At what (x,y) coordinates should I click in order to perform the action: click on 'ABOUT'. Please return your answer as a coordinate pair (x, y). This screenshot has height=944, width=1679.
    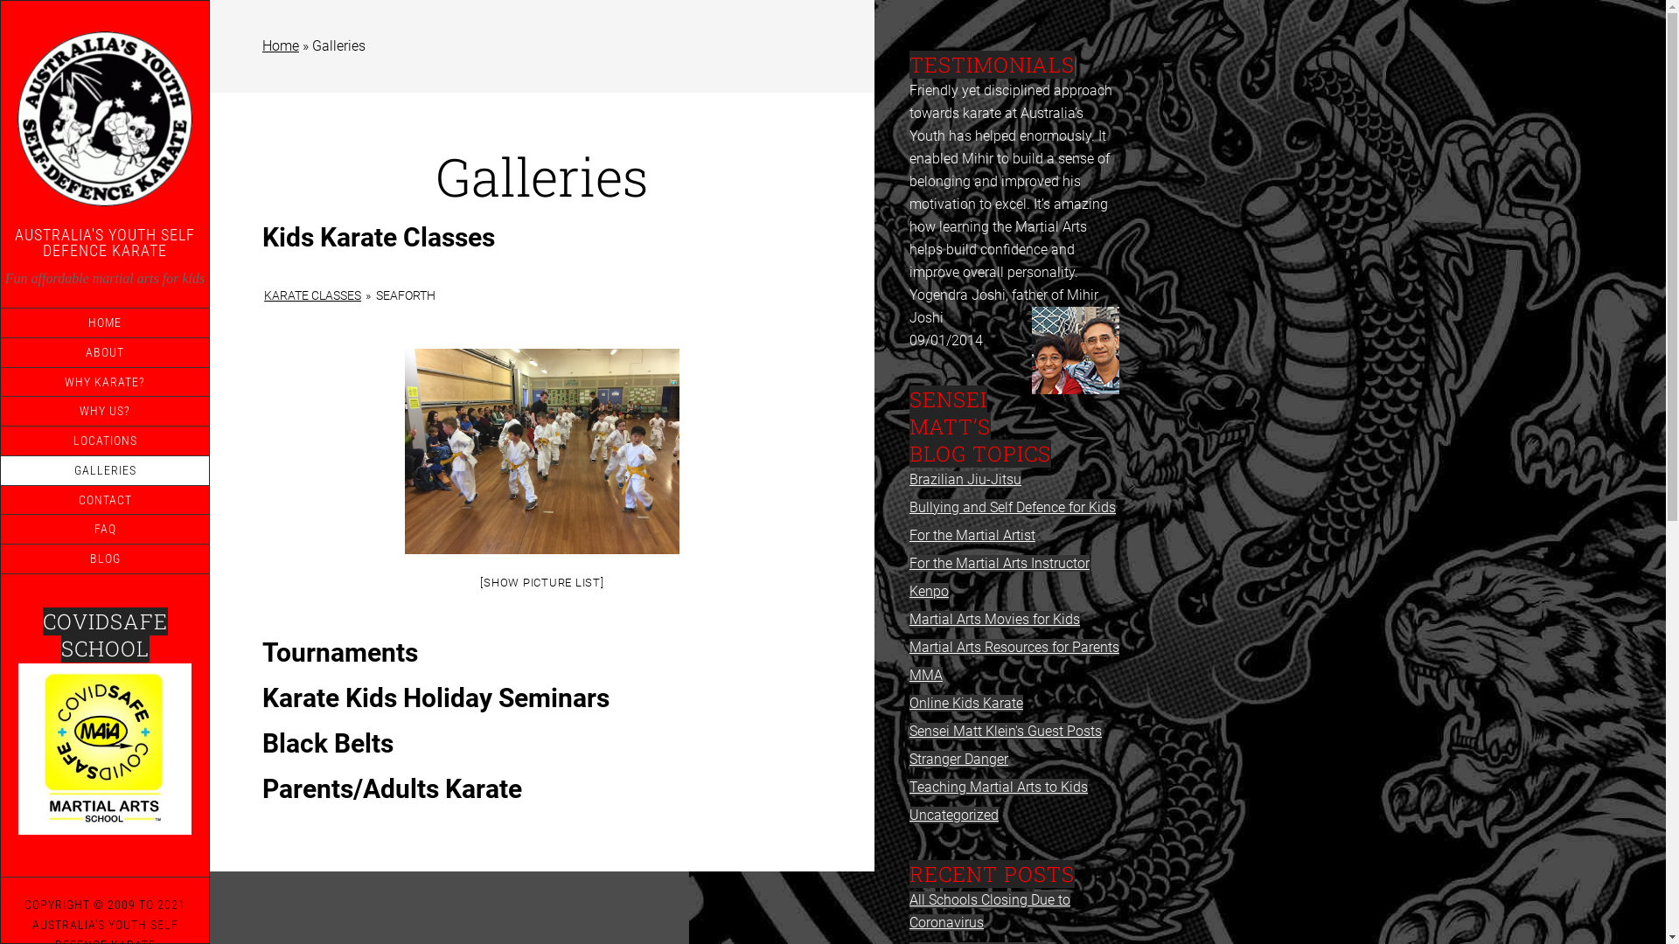
    Looking at the image, I should click on (104, 352).